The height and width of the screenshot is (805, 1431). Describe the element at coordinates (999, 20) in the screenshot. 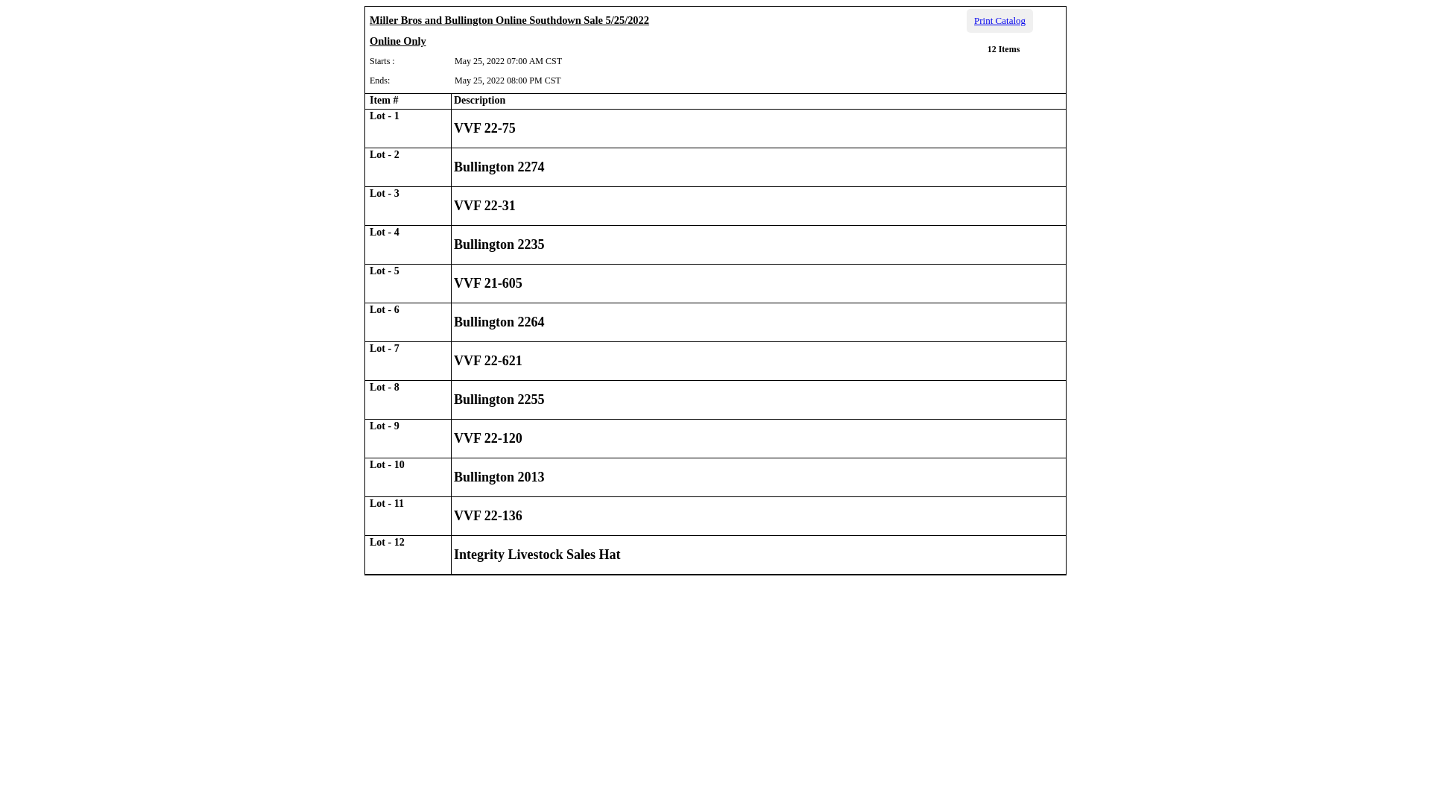

I see `'Print Catalog'` at that location.